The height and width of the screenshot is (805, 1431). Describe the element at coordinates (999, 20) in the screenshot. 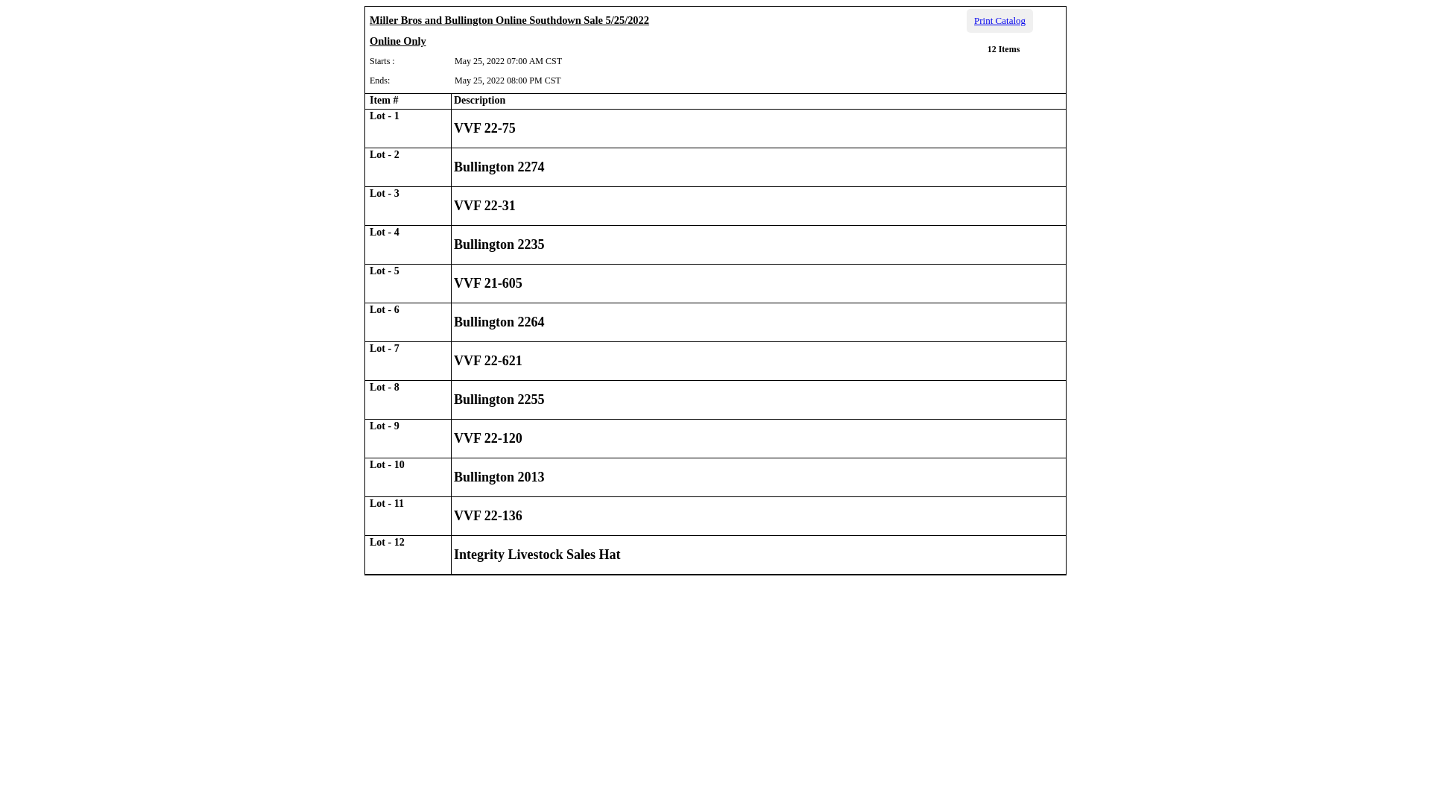

I see `'Print Catalog'` at that location.